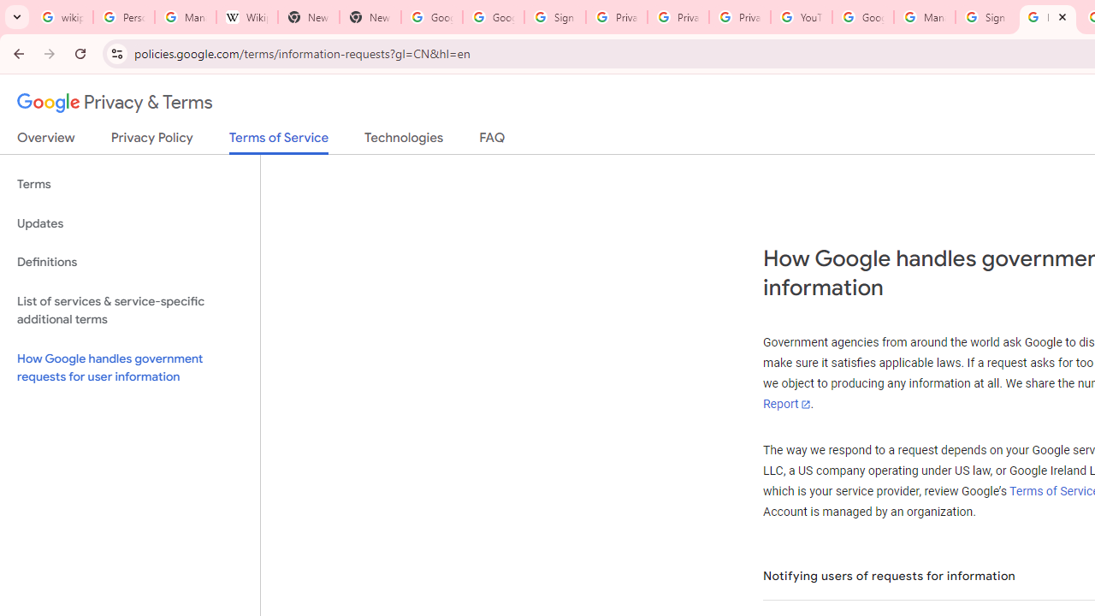 This screenshot has height=616, width=1095. Describe the element at coordinates (129, 262) in the screenshot. I see `'Definitions'` at that location.